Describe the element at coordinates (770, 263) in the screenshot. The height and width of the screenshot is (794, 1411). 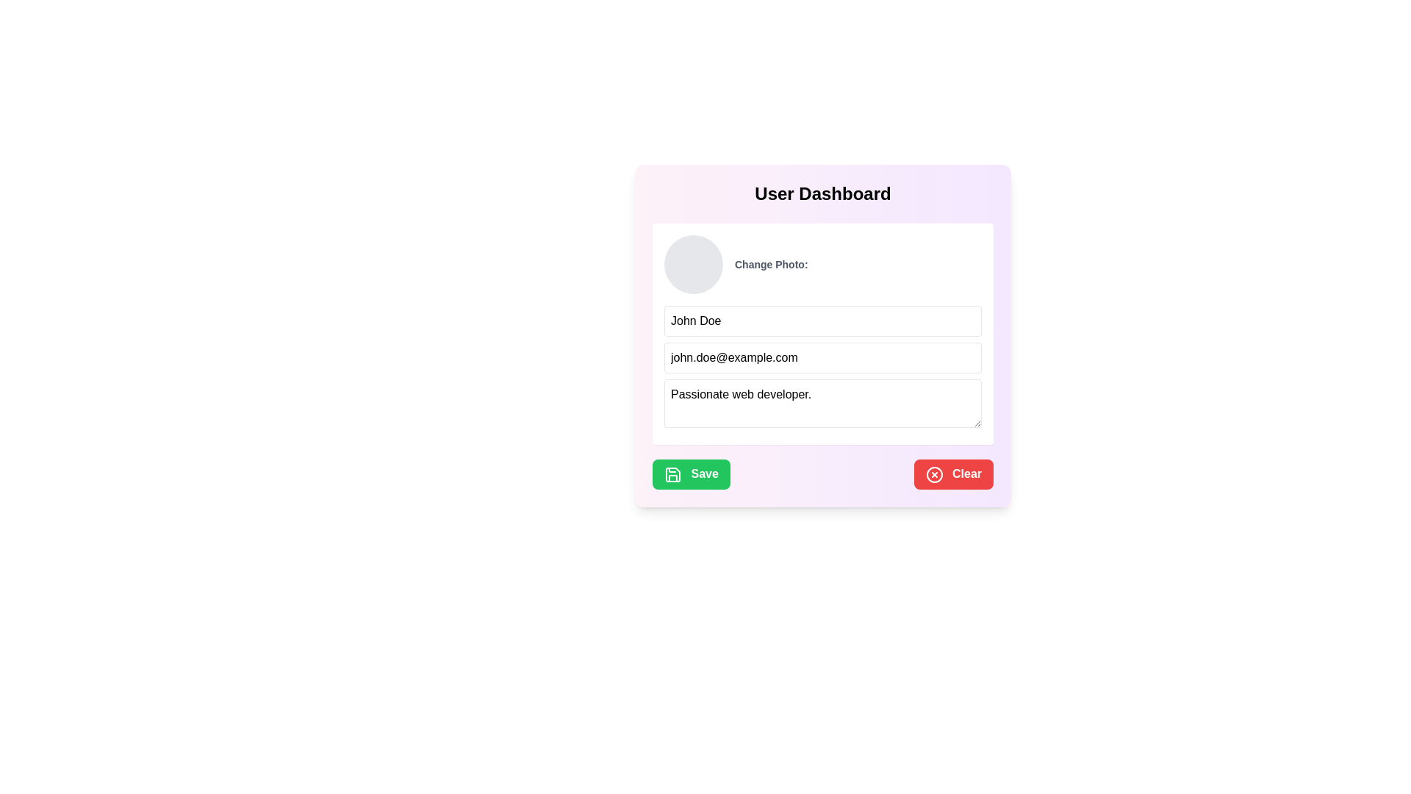
I see `the clickable text label for uploading or changing a profile photo` at that location.